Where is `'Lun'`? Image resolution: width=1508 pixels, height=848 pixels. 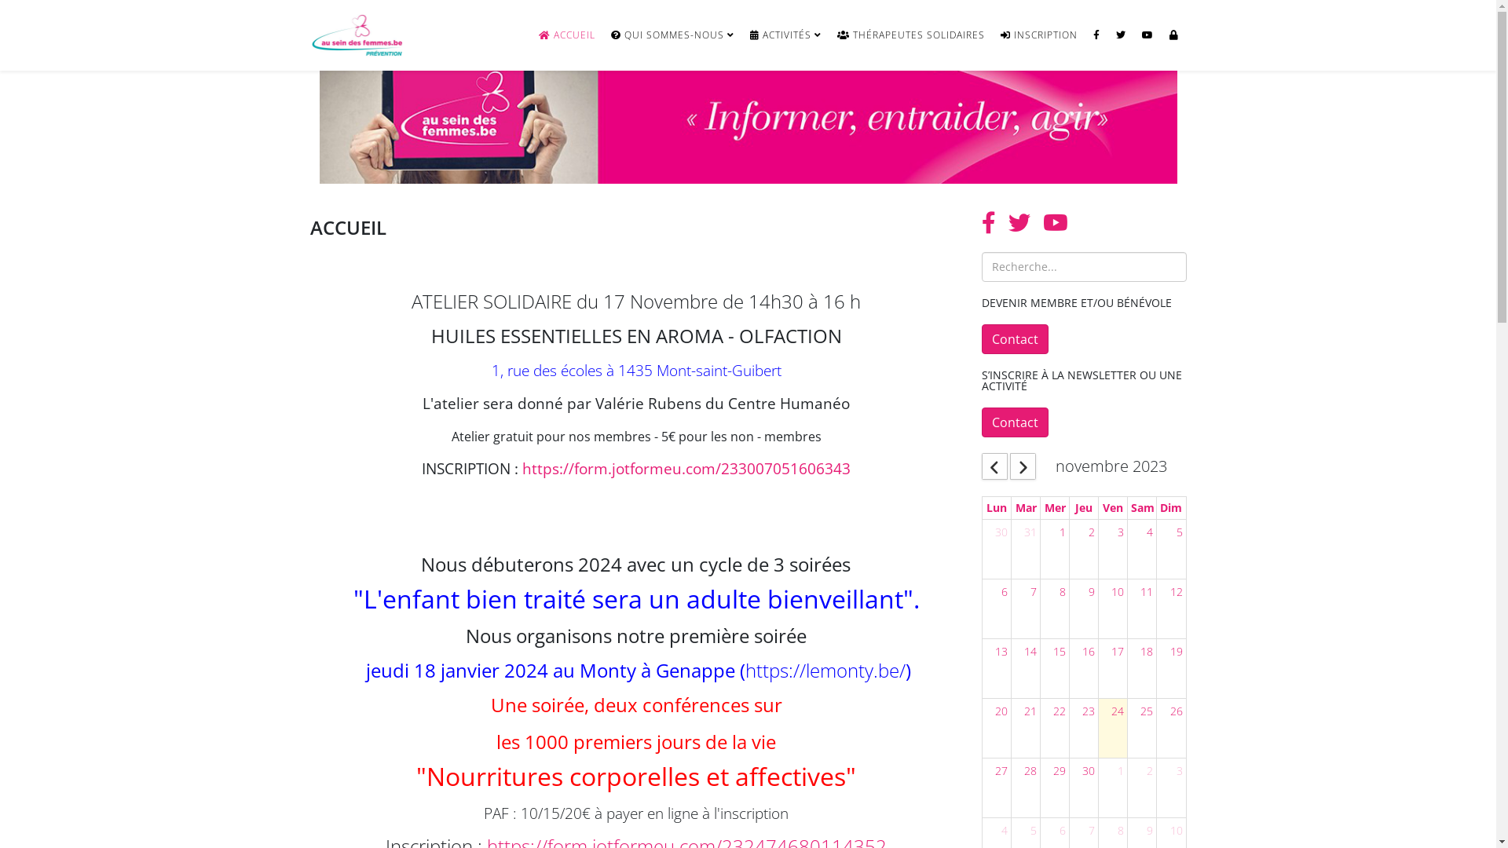
'Lun' is located at coordinates (983, 508).